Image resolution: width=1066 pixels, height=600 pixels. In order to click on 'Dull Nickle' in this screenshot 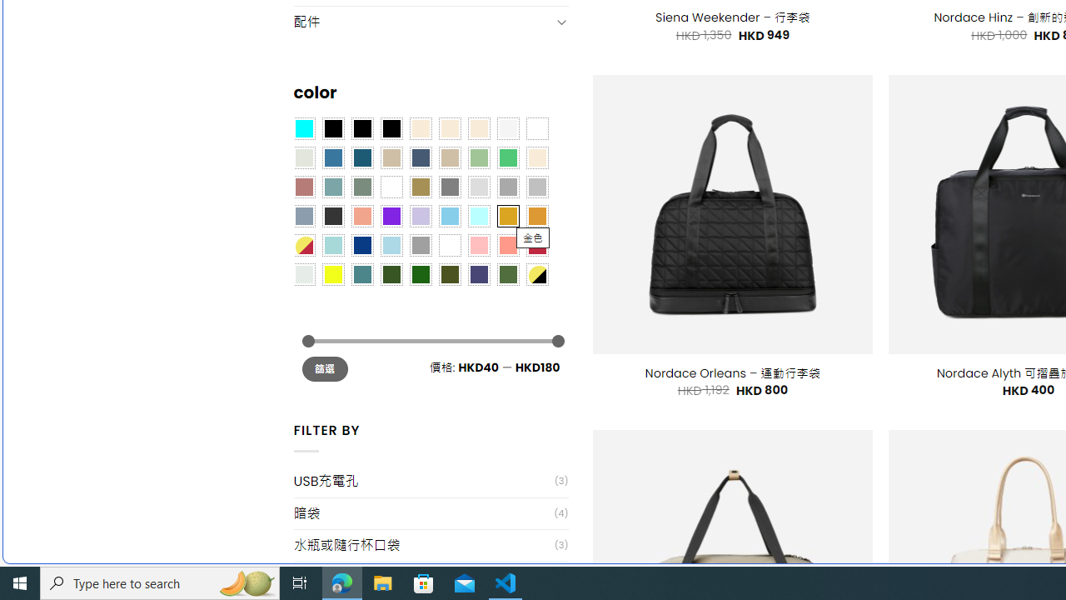, I will do `click(303, 273)`.